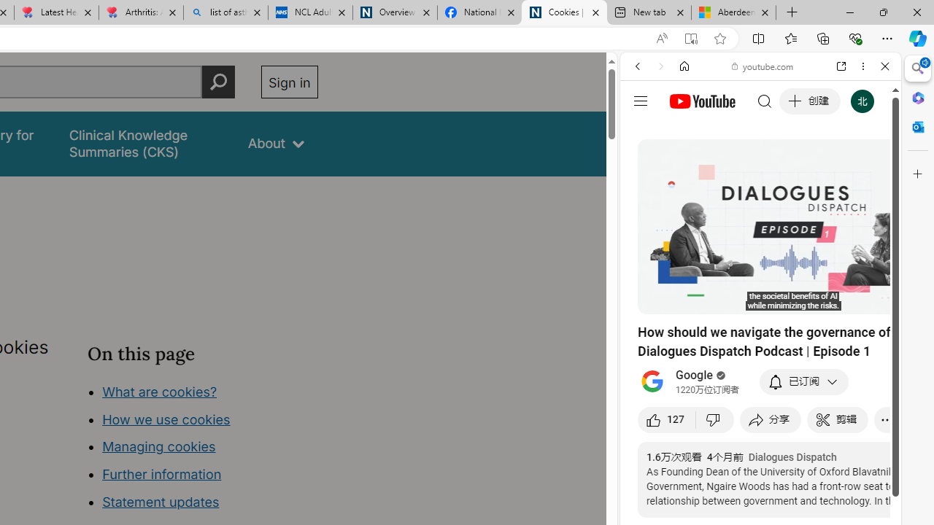 This screenshot has width=934, height=525. What do you see at coordinates (166, 419) in the screenshot?
I see `'How we use cookies'` at bounding box center [166, 419].